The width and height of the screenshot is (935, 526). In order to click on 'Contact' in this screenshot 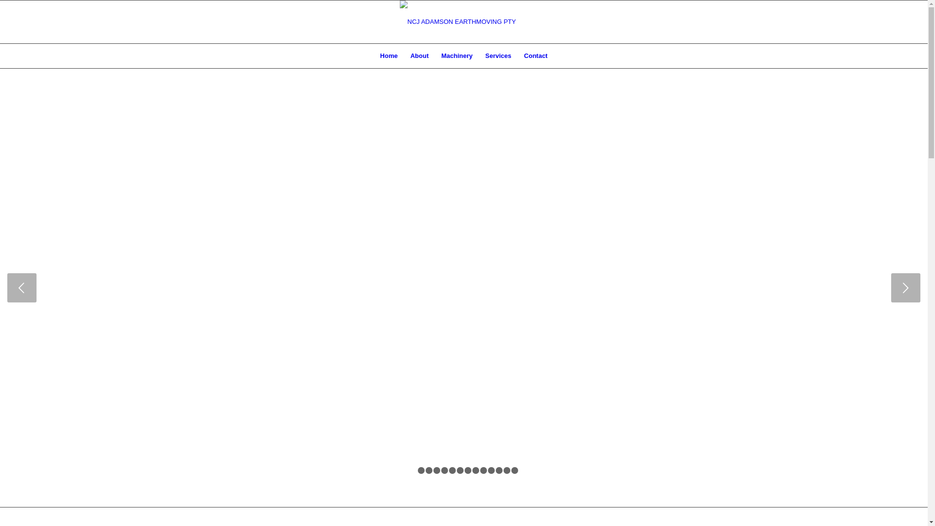, I will do `click(535, 56)`.